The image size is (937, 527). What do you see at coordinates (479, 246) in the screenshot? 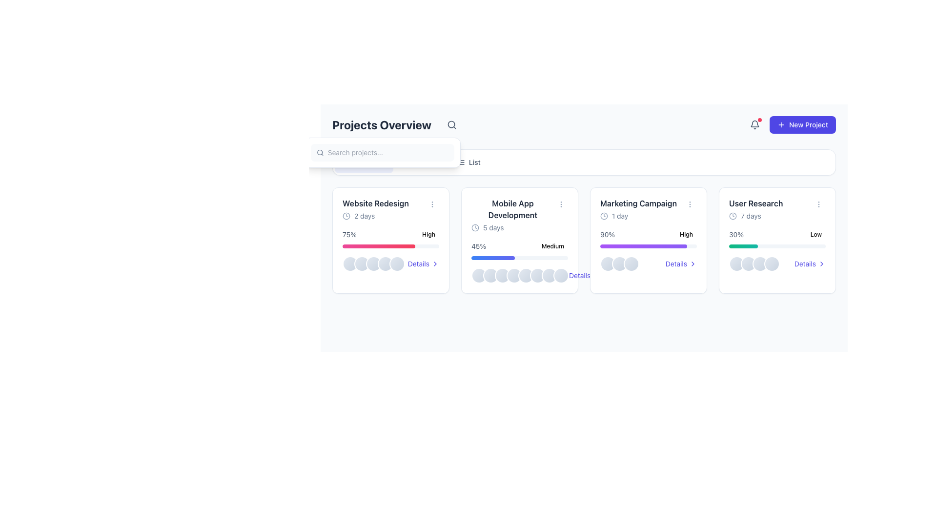
I see `the label displaying '45%' in light slate-gray color, located in the 'Mobile App Development' project card, to the left of the 'Medium' priority label` at bounding box center [479, 246].